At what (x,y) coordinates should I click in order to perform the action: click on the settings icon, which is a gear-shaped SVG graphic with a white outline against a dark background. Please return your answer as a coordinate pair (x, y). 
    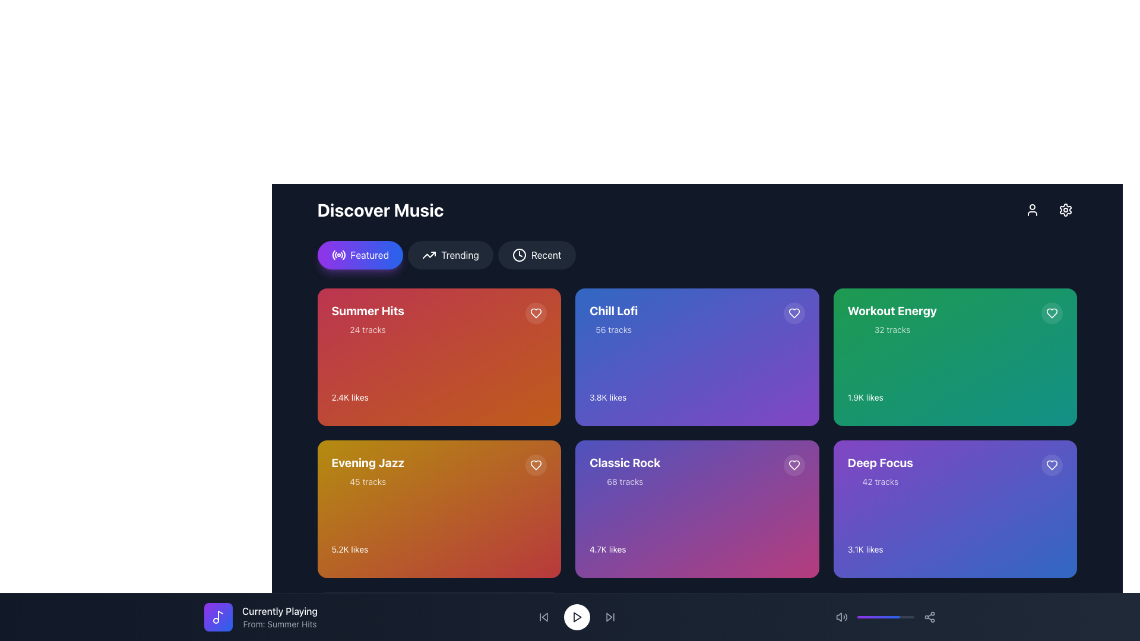
    Looking at the image, I should click on (1065, 210).